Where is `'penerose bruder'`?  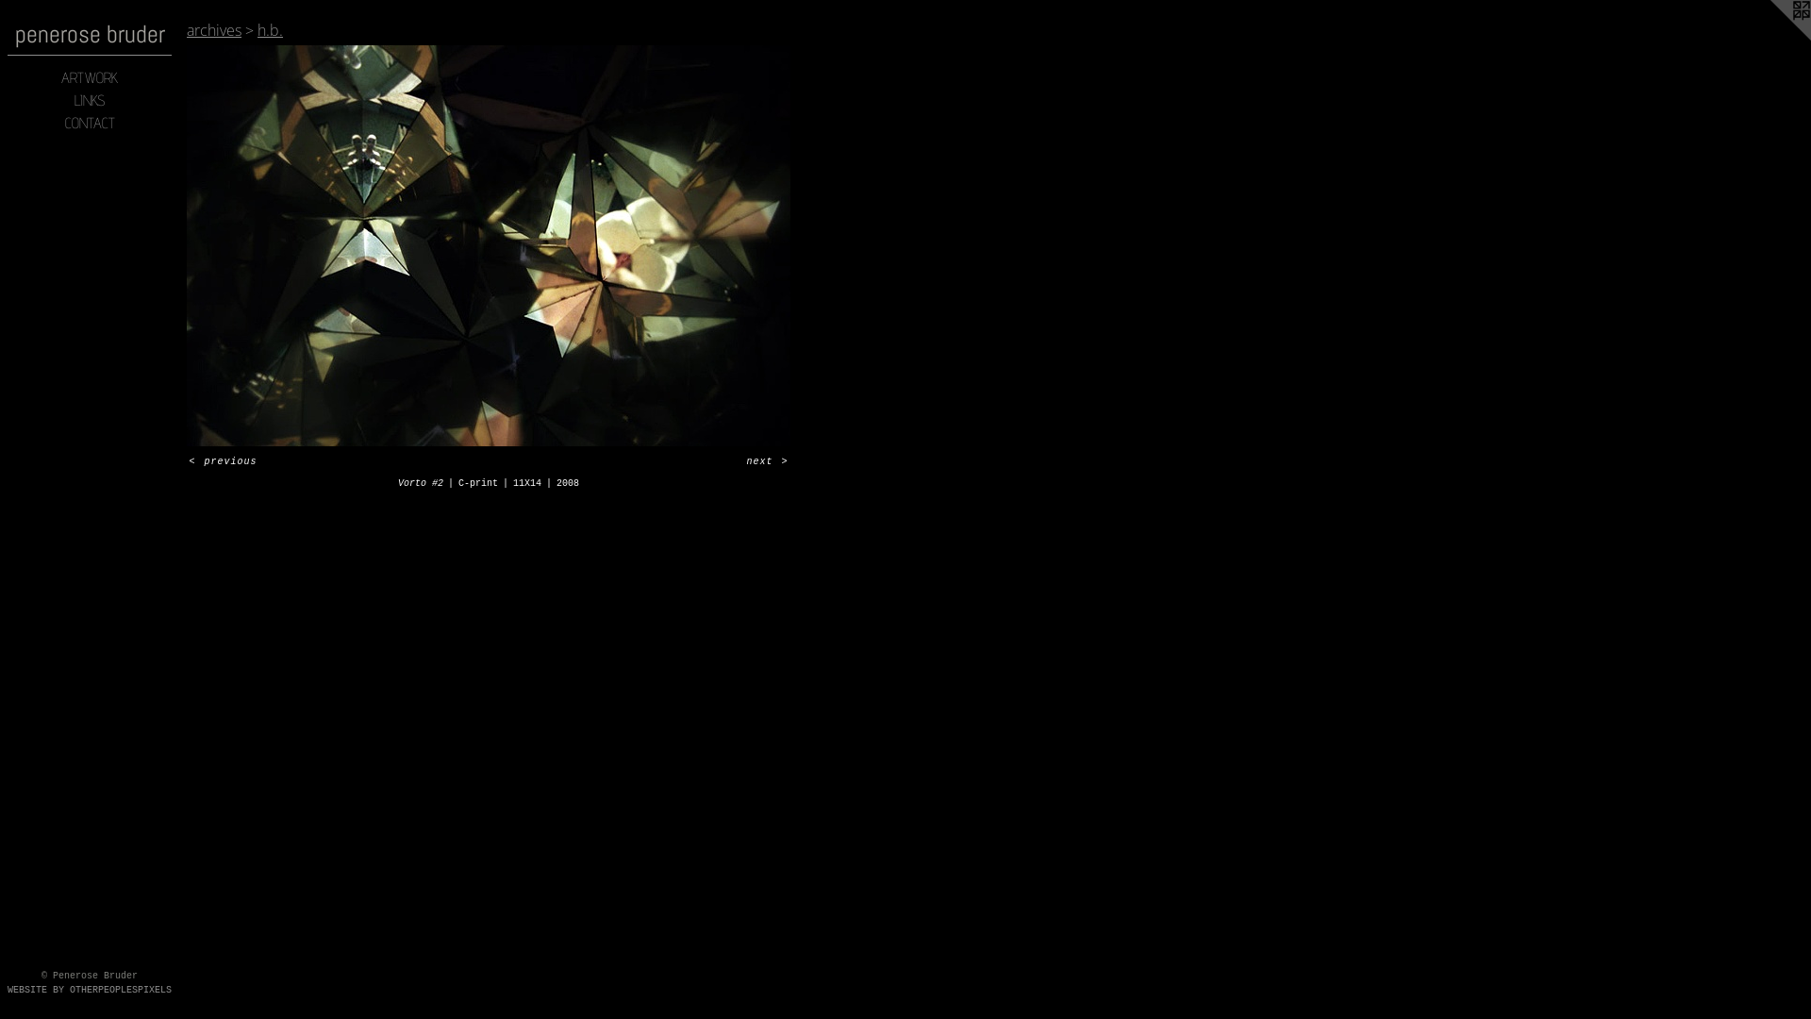 'penerose bruder' is located at coordinates (89, 34).